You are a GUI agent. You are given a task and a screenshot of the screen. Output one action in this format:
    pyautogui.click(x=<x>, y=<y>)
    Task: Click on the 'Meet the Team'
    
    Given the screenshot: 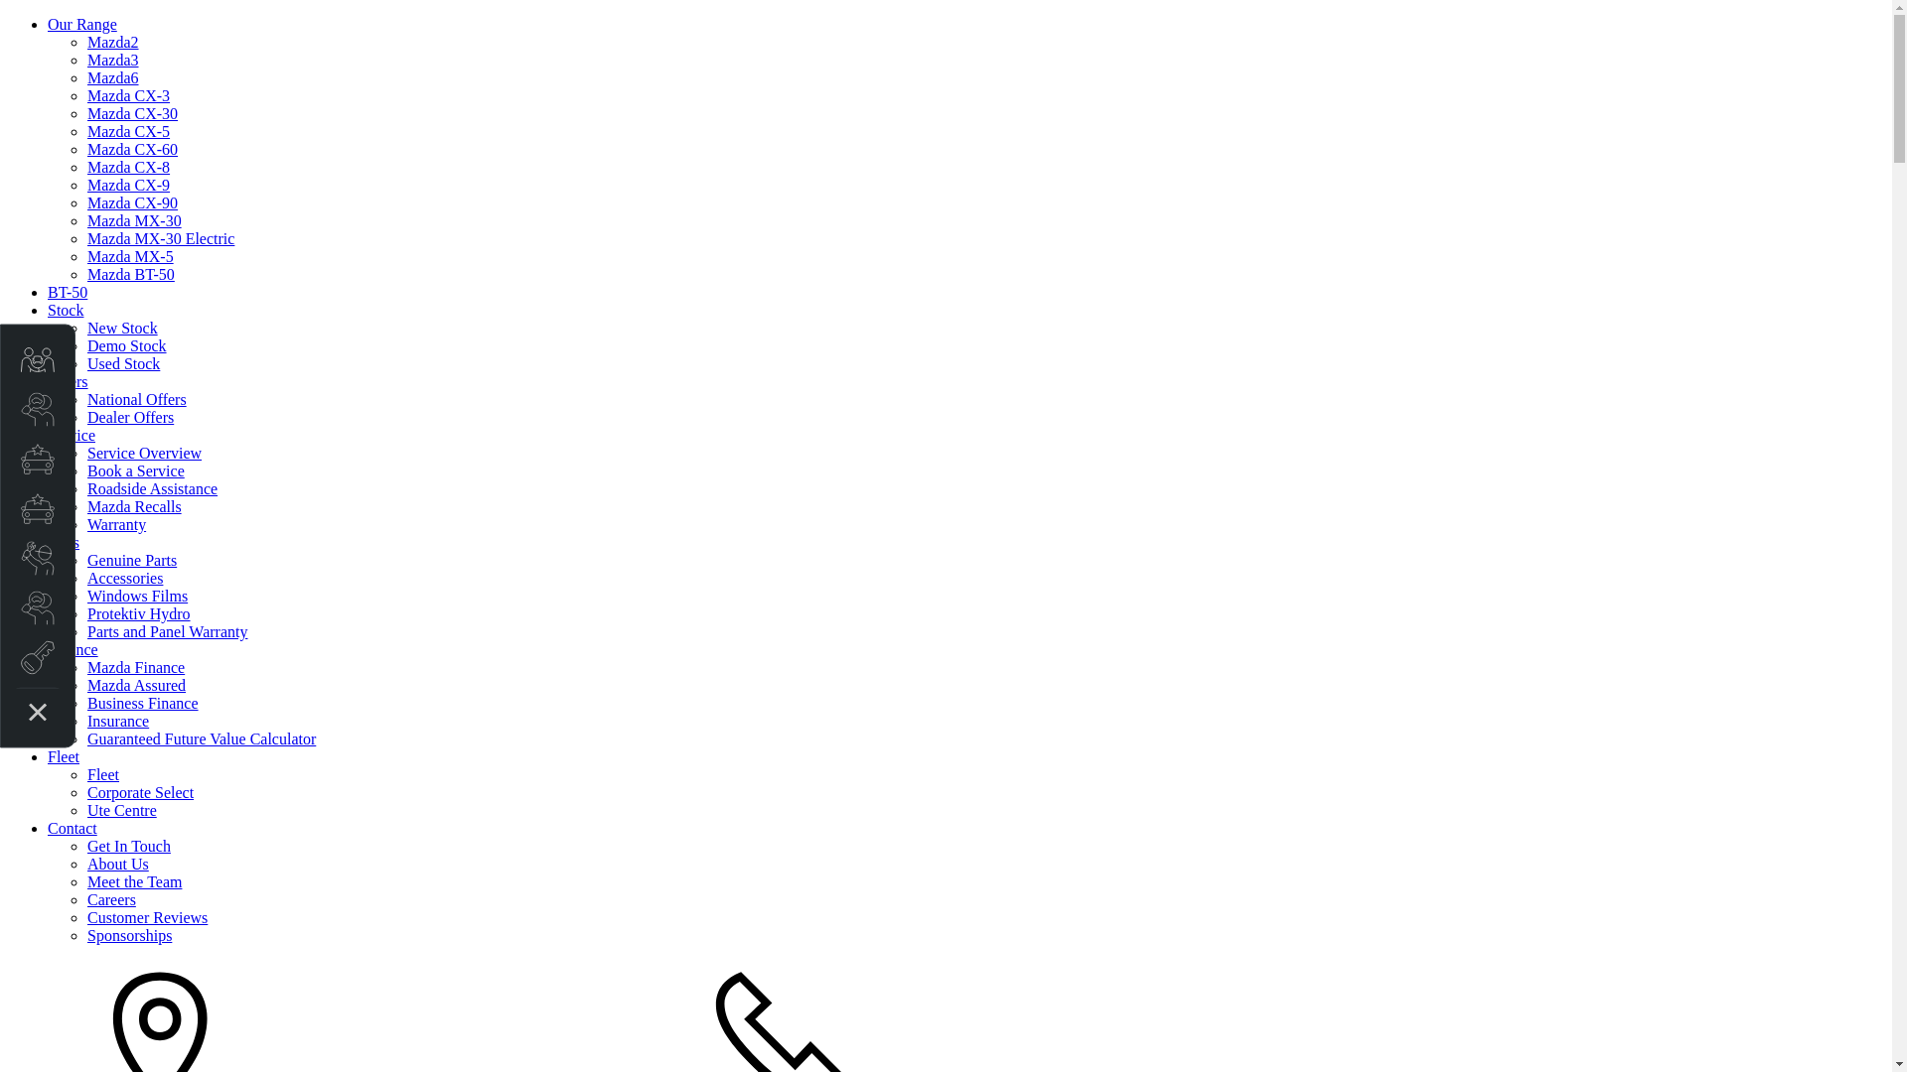 What is the action you would take?
    pyautogui.click(x=85, y=880)
    